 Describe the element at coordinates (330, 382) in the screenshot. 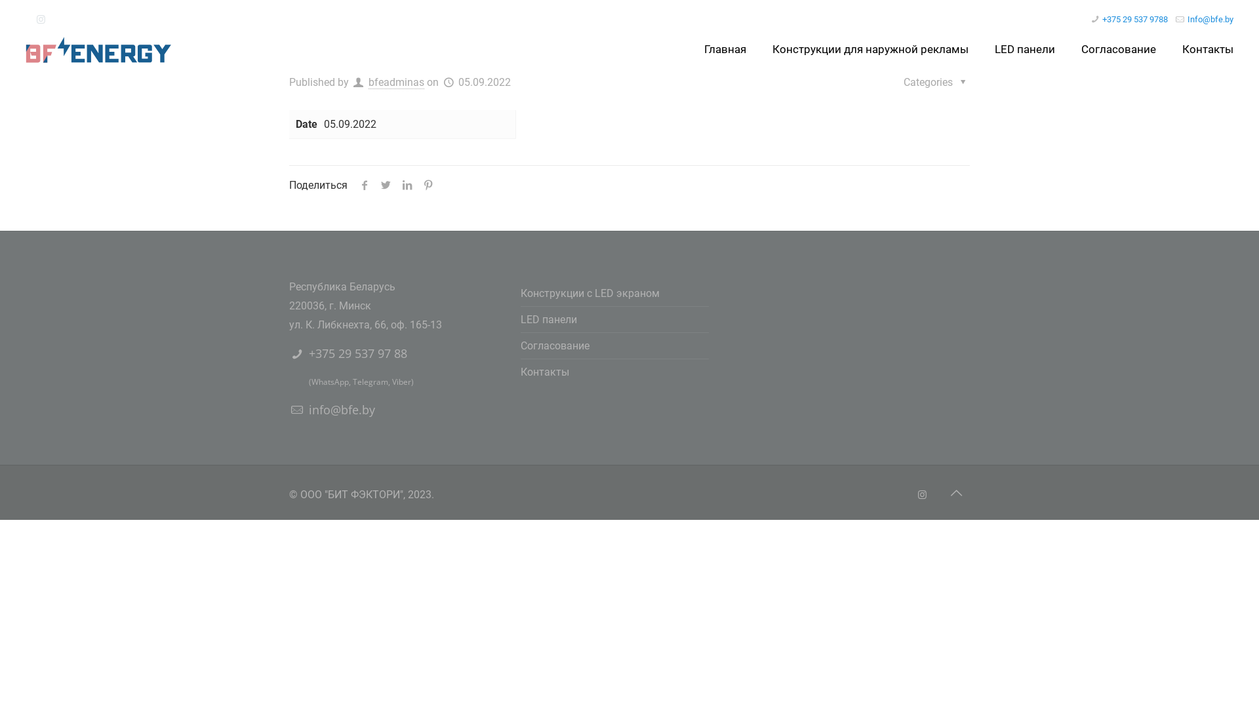

I see `'WhatsApp'` at that location.